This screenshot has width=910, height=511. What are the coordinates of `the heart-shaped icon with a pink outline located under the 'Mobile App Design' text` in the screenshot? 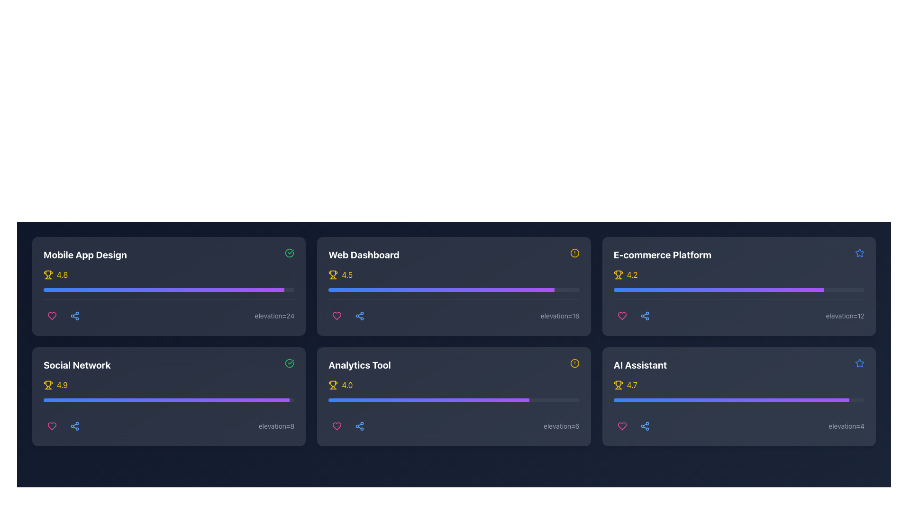 It's located at (622, 316).